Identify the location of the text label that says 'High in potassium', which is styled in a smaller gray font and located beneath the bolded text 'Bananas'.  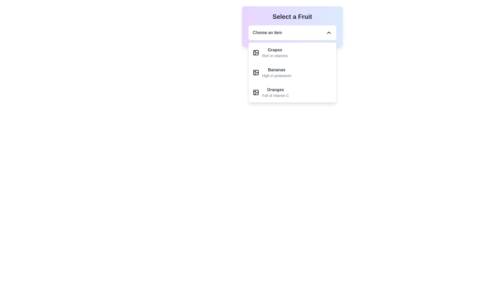
(276, 76).